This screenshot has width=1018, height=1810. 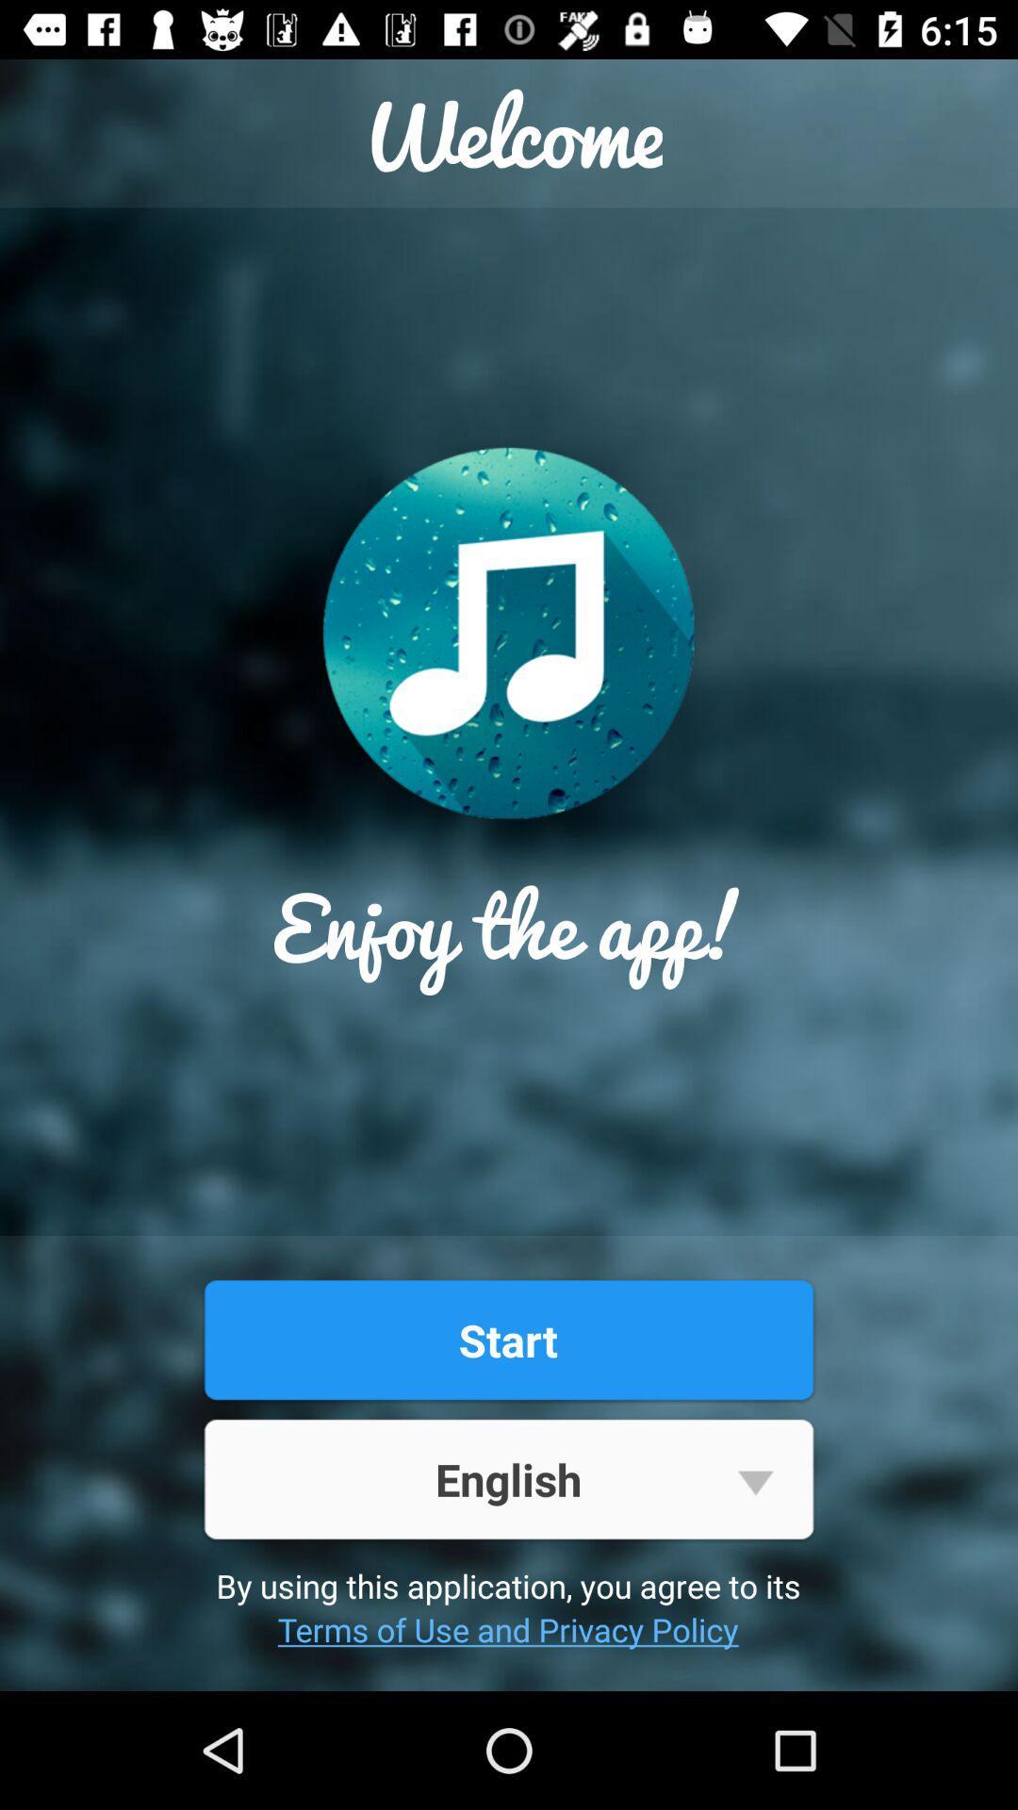 What do you see at coordinates (507, 1339) in the screenshot?
I see `the button above the english icon` at bounding box center [507, 1339].